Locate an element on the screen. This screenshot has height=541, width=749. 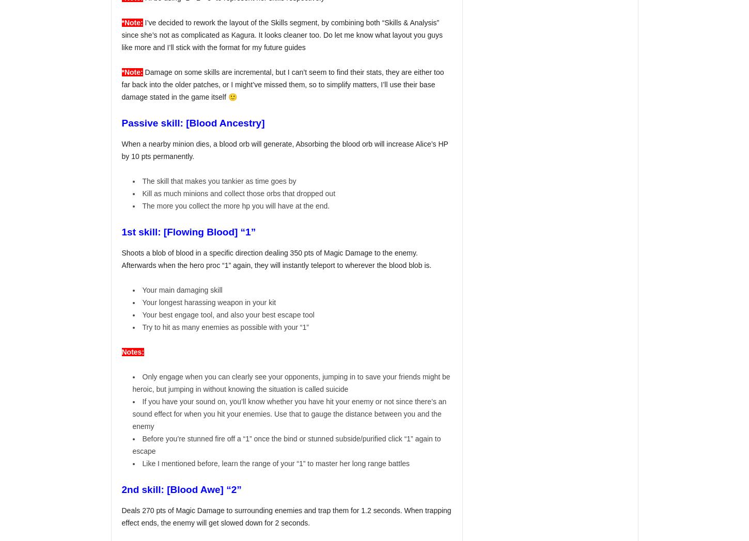
'Passive skill: [Blood Ancestry]' is located at coordinates (192, 123).